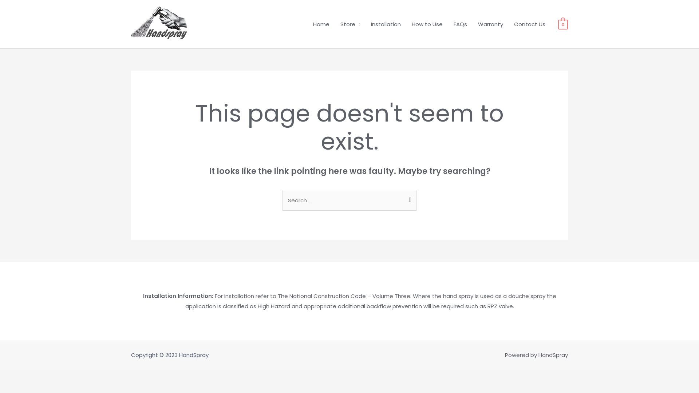 Image resolution: width=699 pixels, height=393 pixels. I want to click on 'Search', so click(408, 196).